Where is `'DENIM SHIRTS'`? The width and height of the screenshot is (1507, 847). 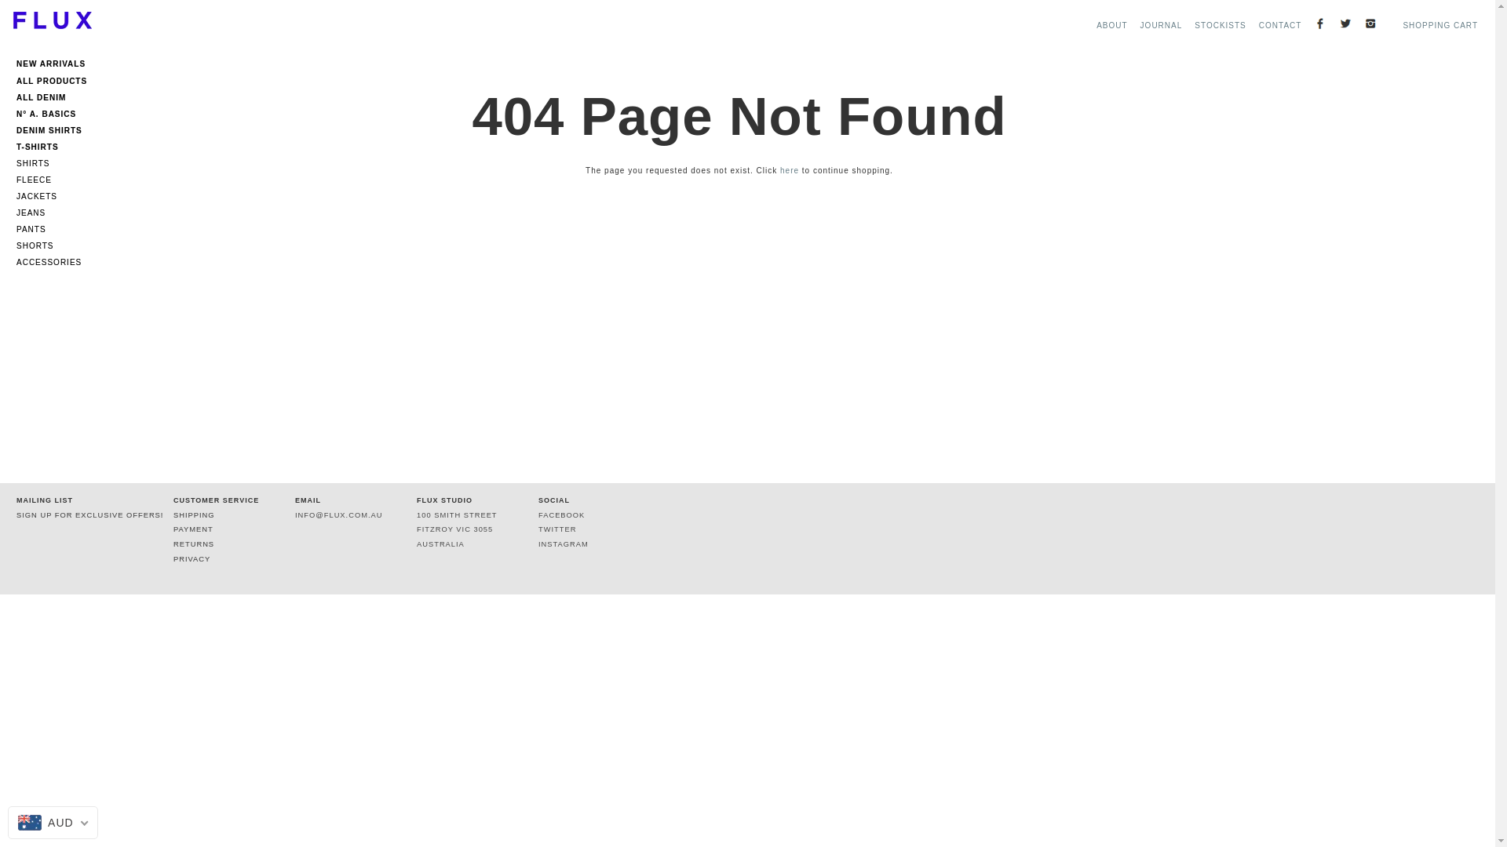
'DENIM SHIRTS' is located at coordinates (56, 127).